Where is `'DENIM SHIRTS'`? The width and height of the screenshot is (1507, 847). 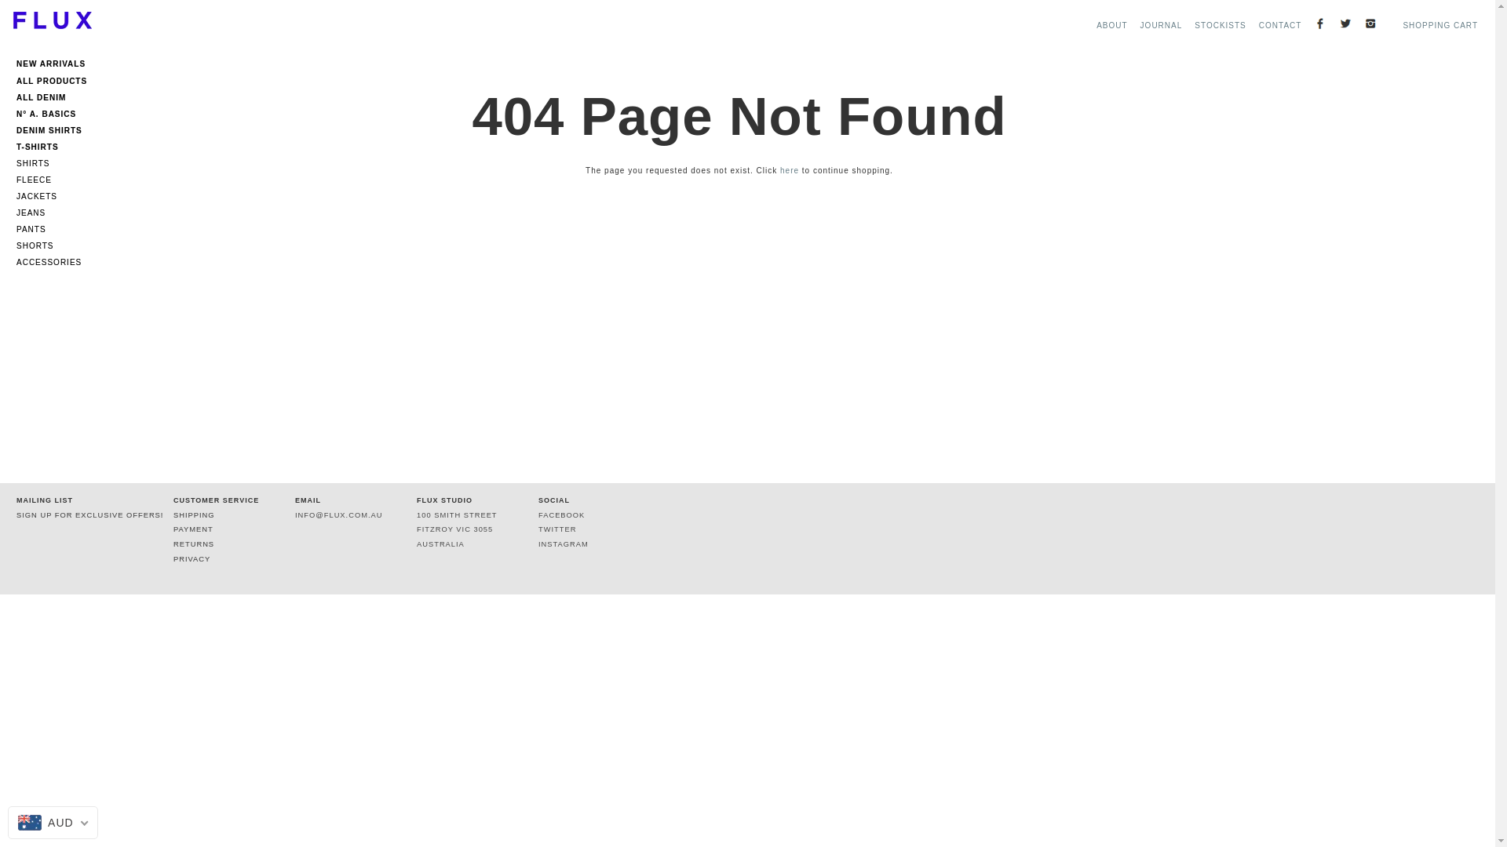
'DENIM SHIRTS' is located at coordinates (56, 127).